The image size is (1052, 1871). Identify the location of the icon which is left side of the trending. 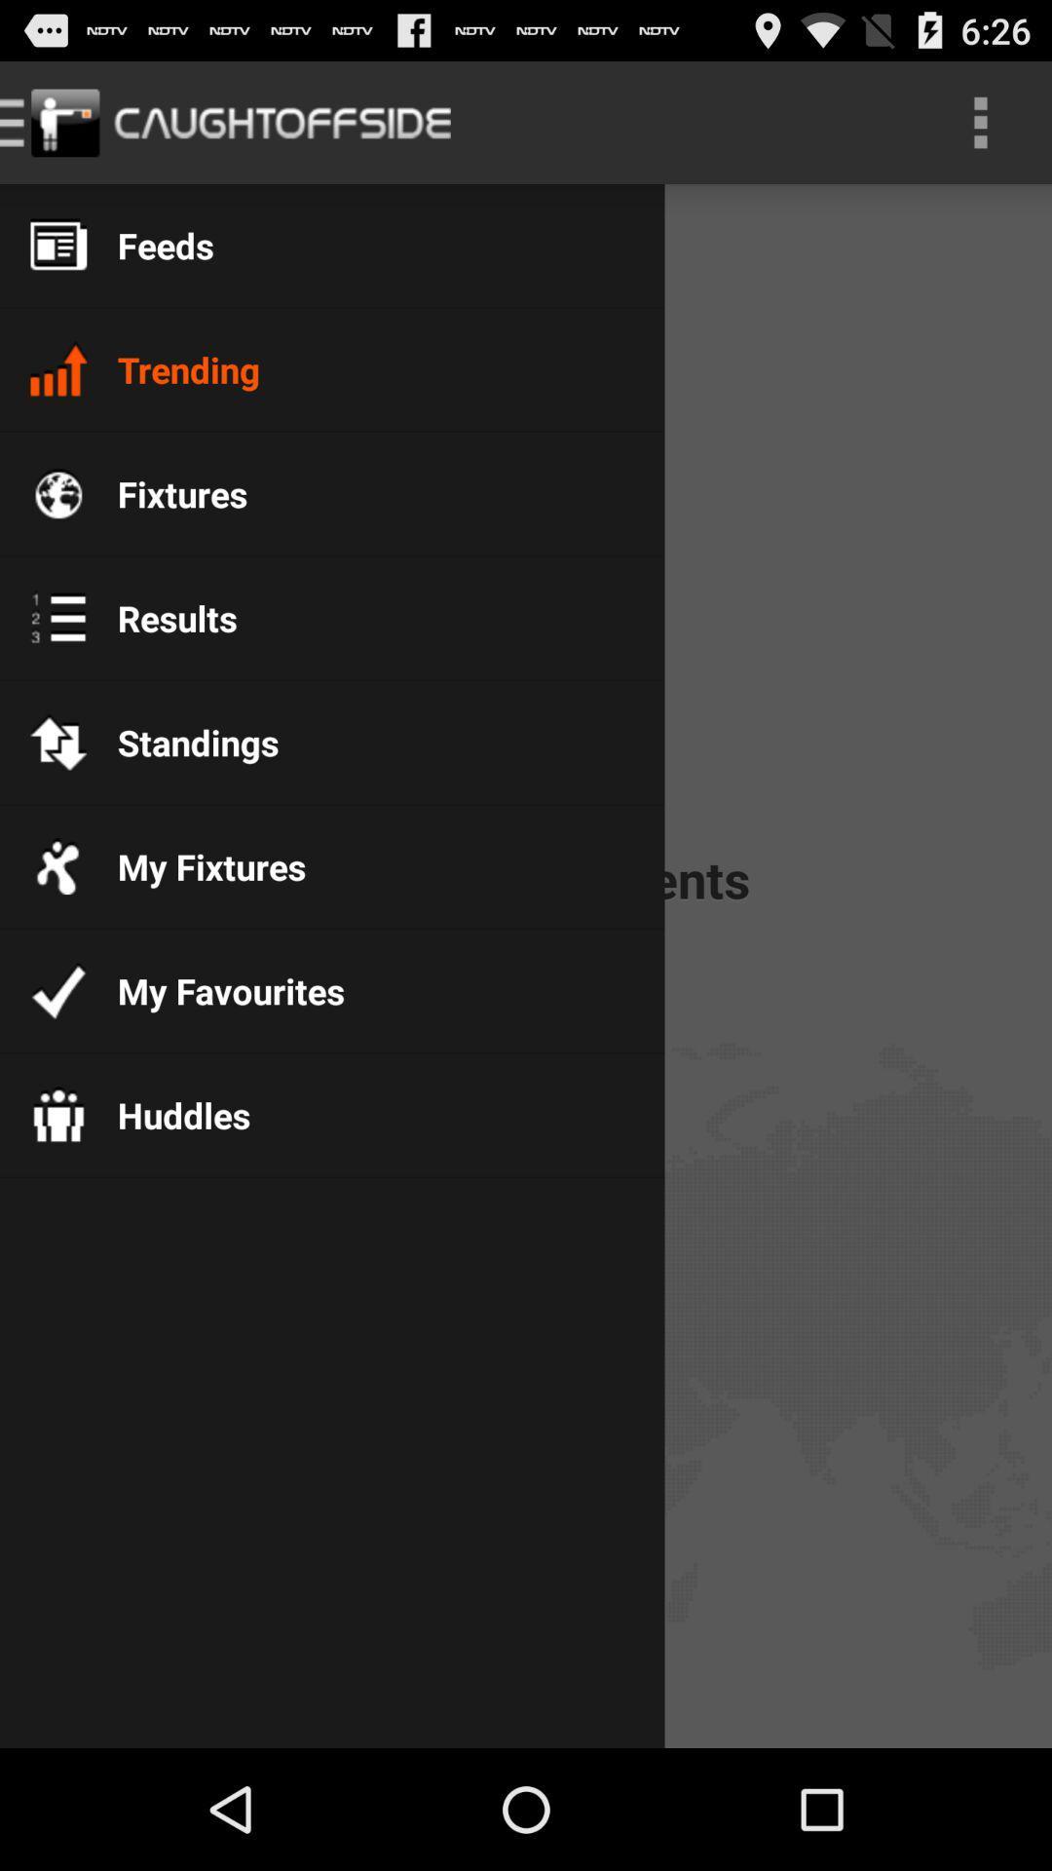
(57, 369).